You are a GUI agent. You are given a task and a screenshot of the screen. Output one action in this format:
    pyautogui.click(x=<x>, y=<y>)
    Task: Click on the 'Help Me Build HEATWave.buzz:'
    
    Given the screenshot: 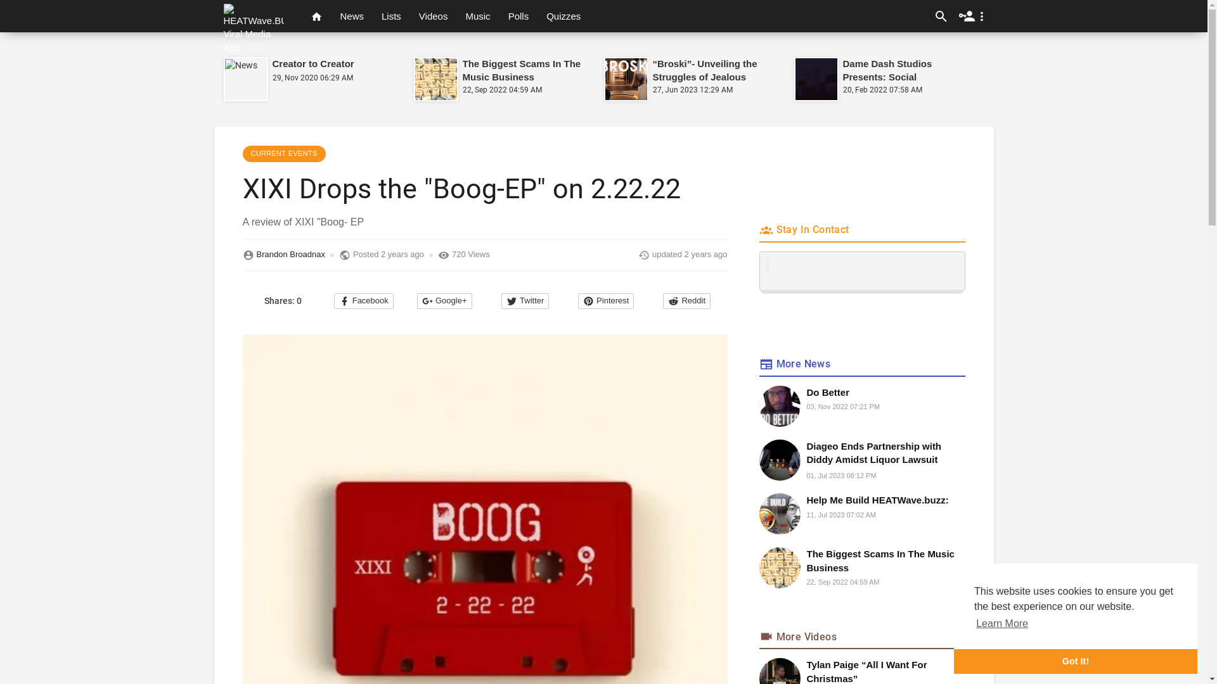 What is the action you would take?
    pyautogui.click(x=884, y=499)
    